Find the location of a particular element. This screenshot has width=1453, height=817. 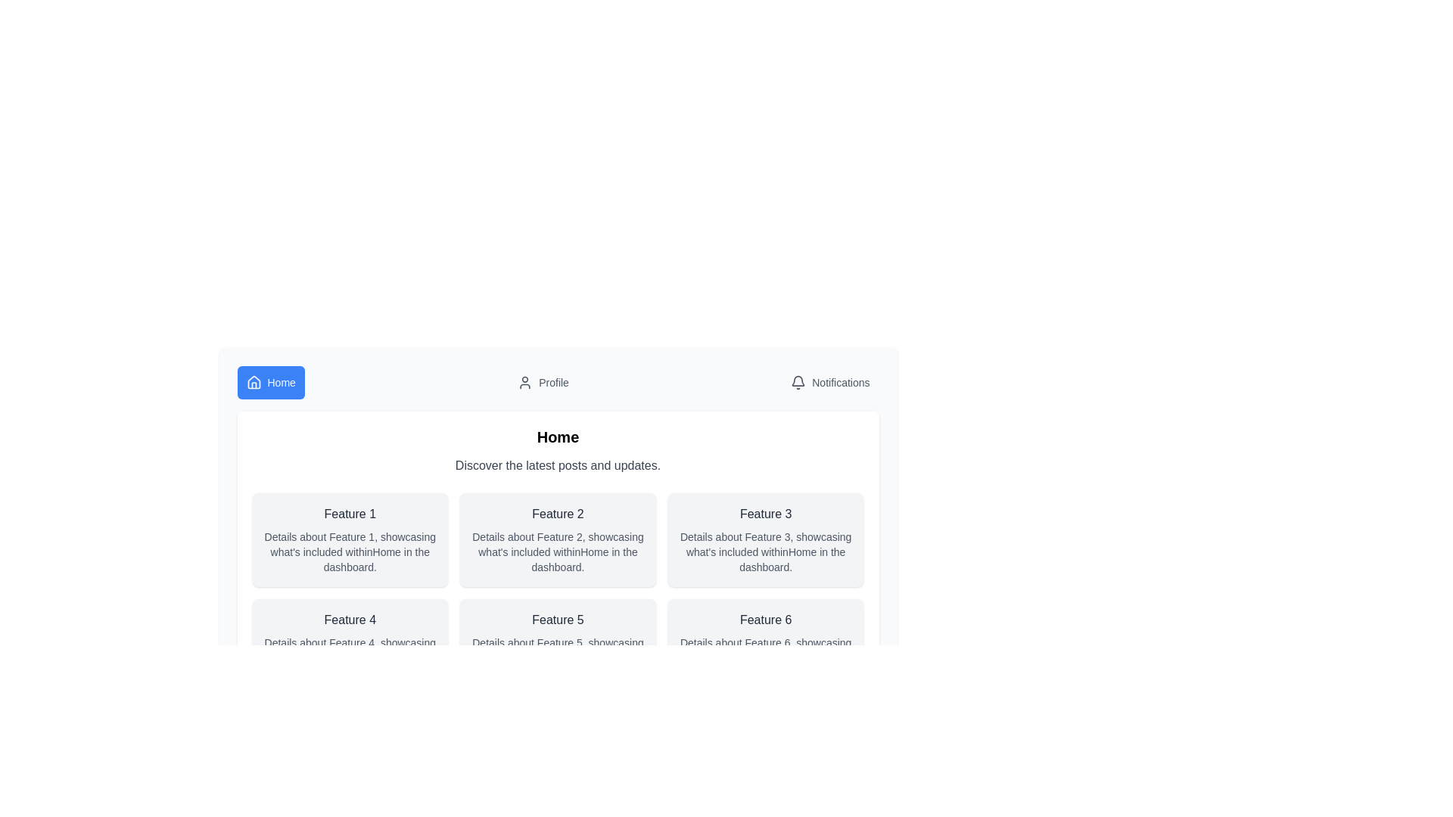

the notifications button located at the top-right side of the interface is located at coordinates (829, 381).